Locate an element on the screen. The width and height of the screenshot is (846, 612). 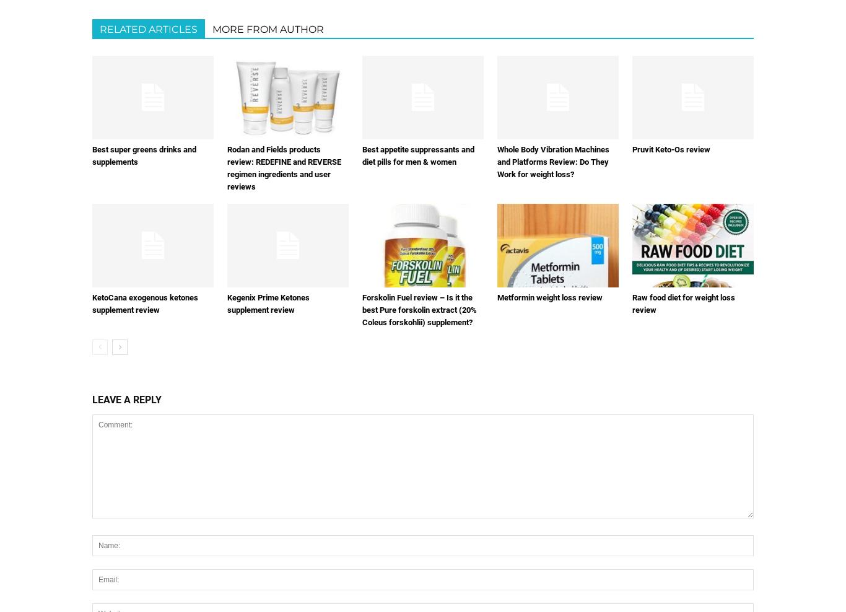
'Whole Body Vibration Machines and Platforms Review: Do They Work for weight loss?' is located at coordinates (552, 160).